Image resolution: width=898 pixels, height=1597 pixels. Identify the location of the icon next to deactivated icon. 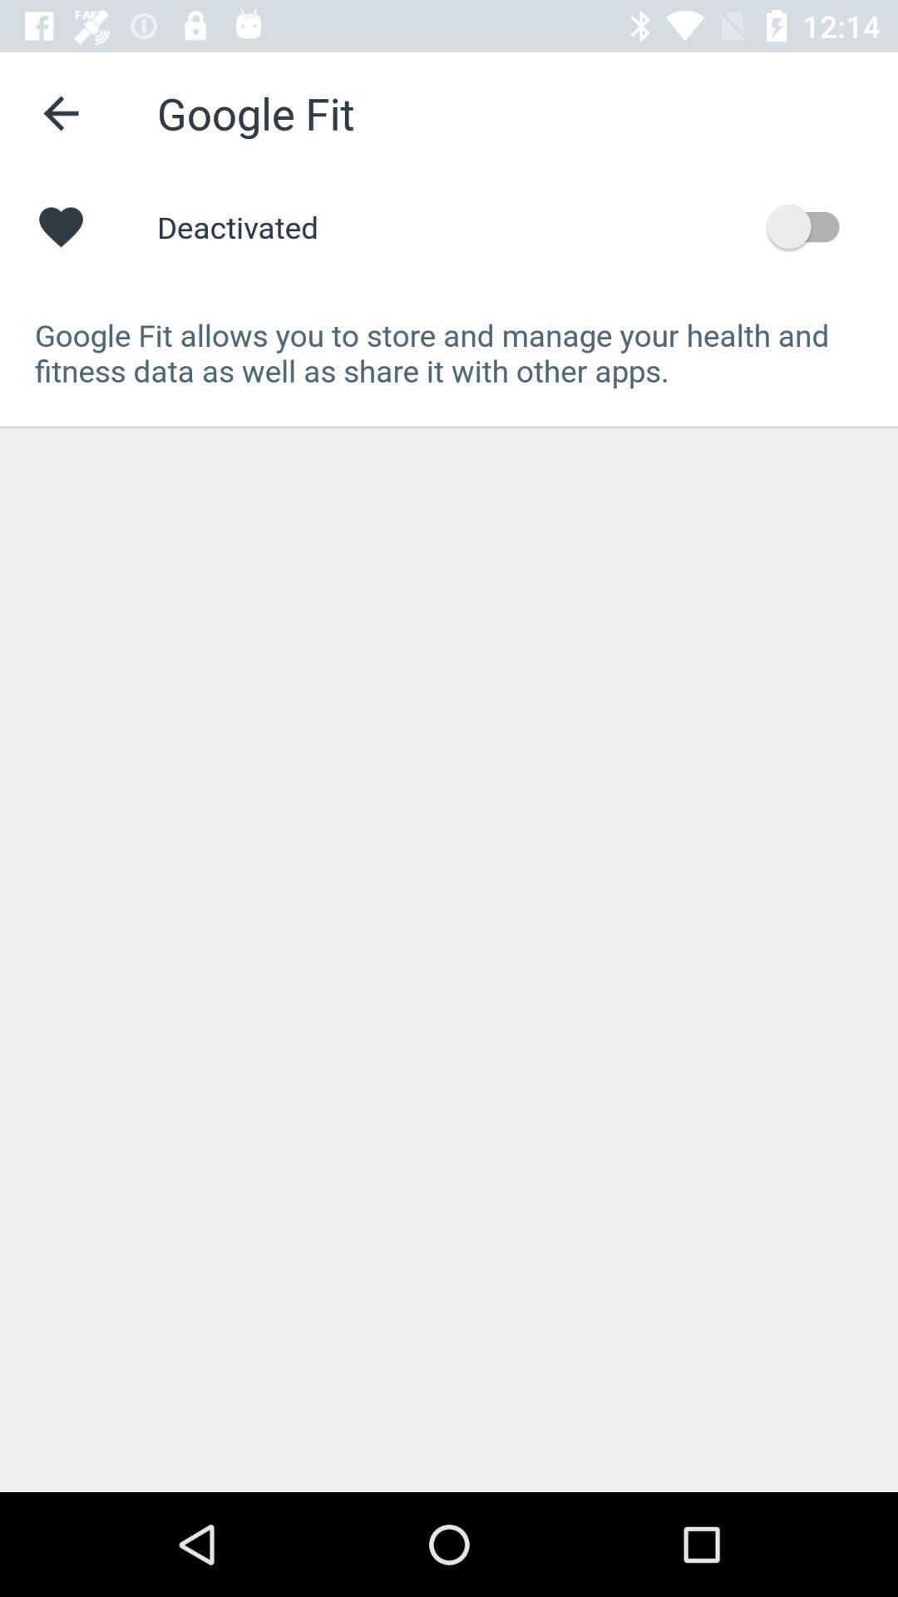
(810, 225).